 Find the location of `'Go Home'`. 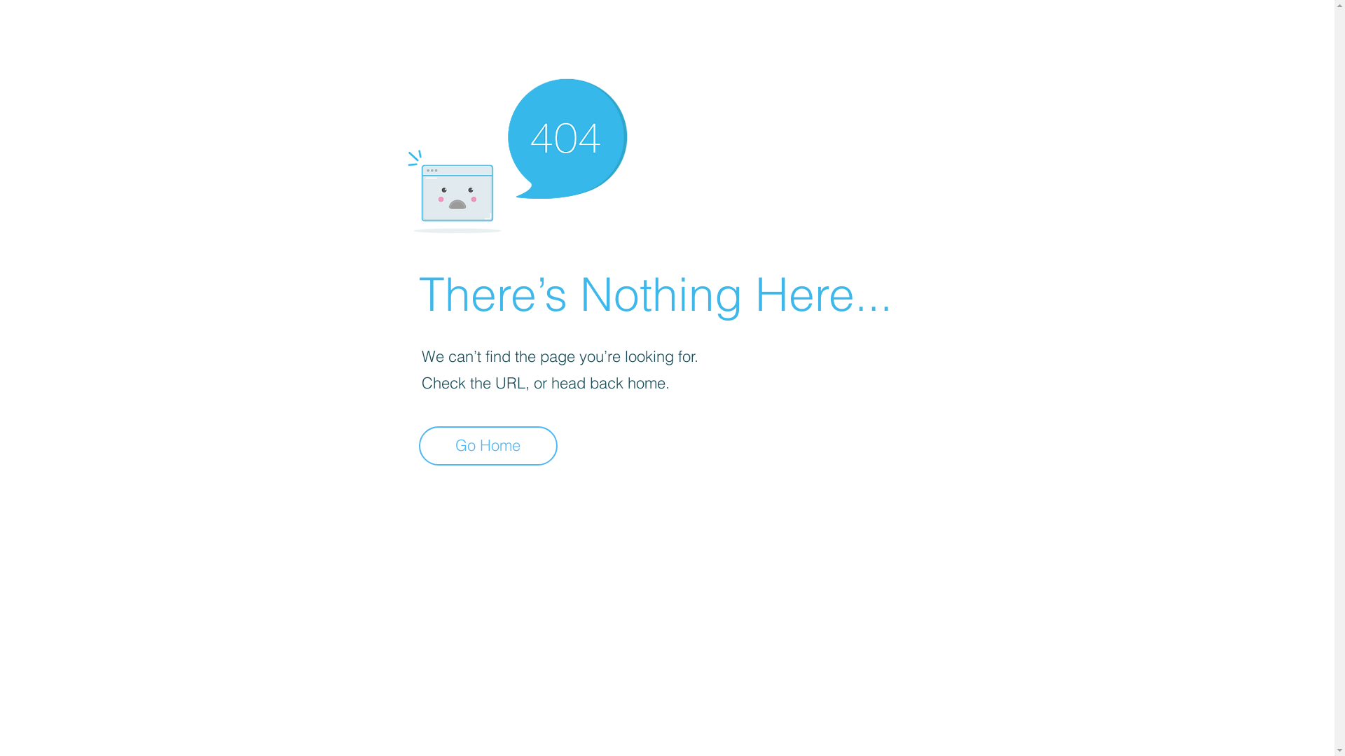

'Go Home' is located at coordinates (488, 445).